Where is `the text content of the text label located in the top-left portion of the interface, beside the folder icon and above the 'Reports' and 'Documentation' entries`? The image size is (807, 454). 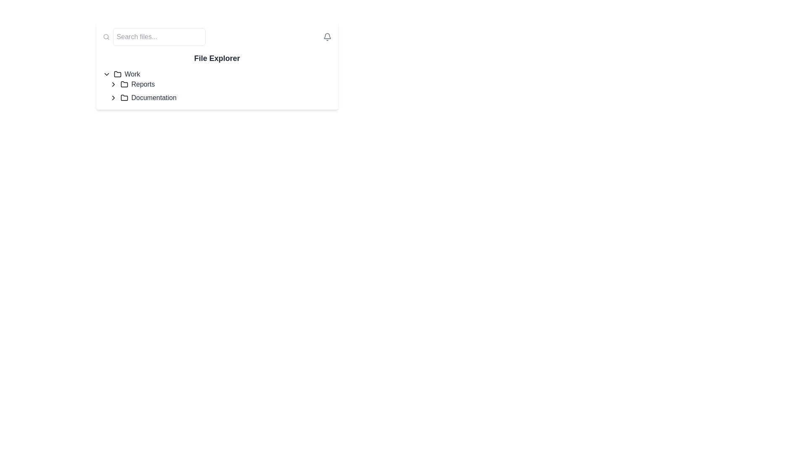
the text content of the text label located in the top-left portion of the interface, beside the folder icon and above the 'Reports' and 'Documentation' entries is located at coordinates (132, 74).